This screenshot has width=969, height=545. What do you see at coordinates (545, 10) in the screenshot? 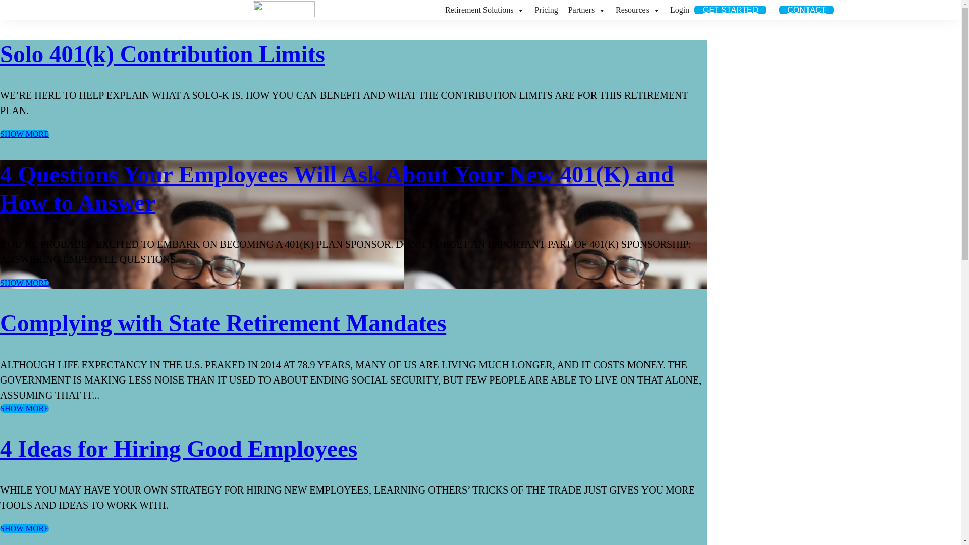
I see `'Pricing'` at bounding box center [545, 10].